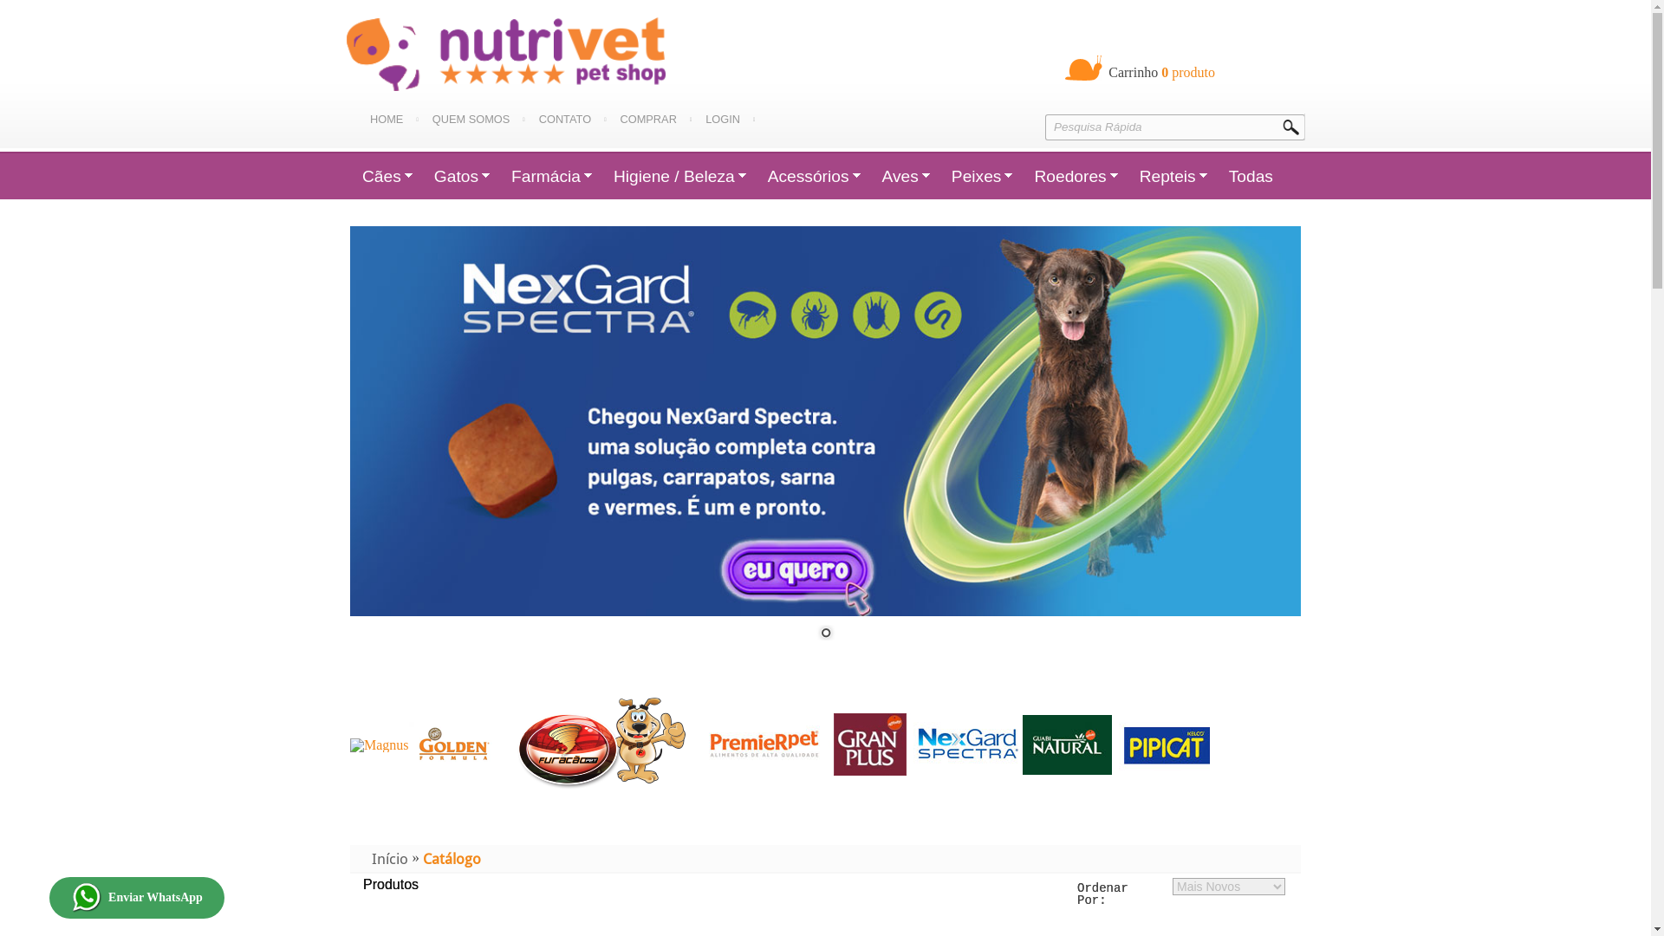 The image size is (1664, 936). Describe the element at coordinates (573, 118) in the screenshot. I see `'CONTATO'` at that location.